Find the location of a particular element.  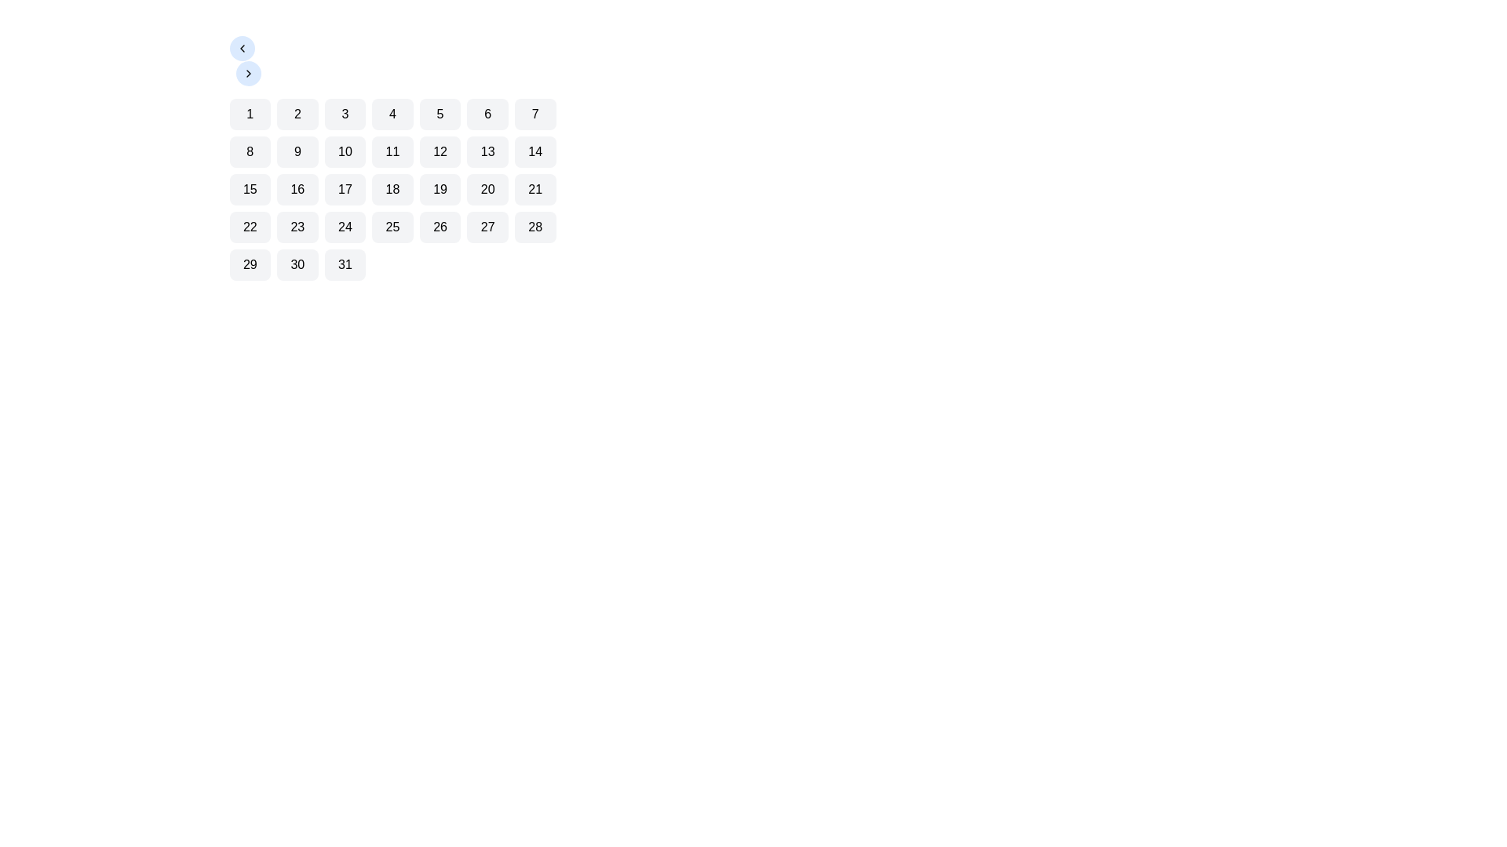

the calendar date button representing '18' is located at coordinates (392, 189).